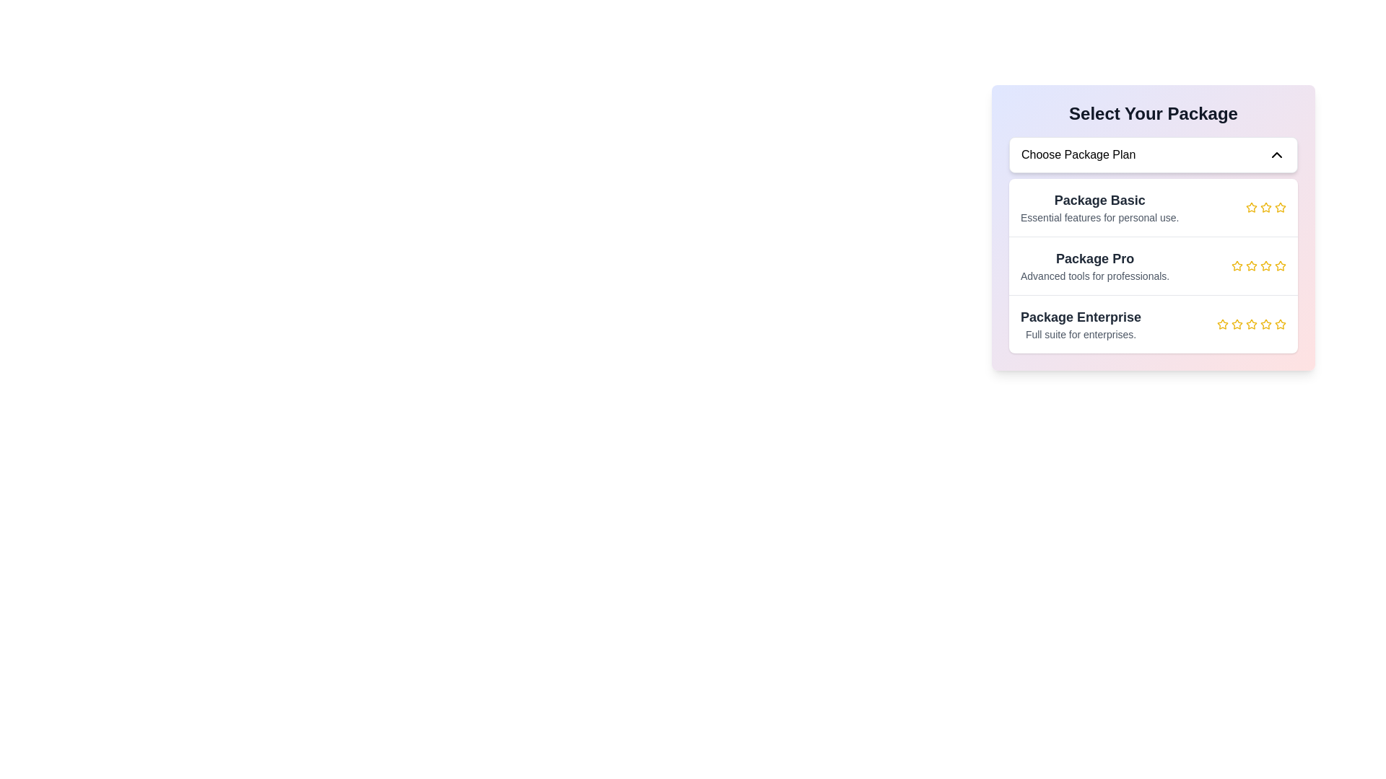 The height and width of the screenshot is (779, 1386). What do you see at coordinates (1281, 266) in the screenshot?
I see `the fifth yellow star icon in the rating display for the 'Package Pro' option to rate it` at bounding box center [1281, 266].